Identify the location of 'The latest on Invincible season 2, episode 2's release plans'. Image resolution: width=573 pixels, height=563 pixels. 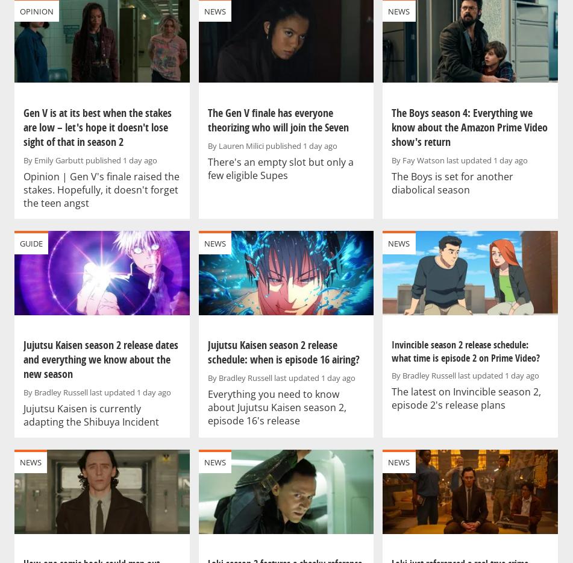
(391, 397).